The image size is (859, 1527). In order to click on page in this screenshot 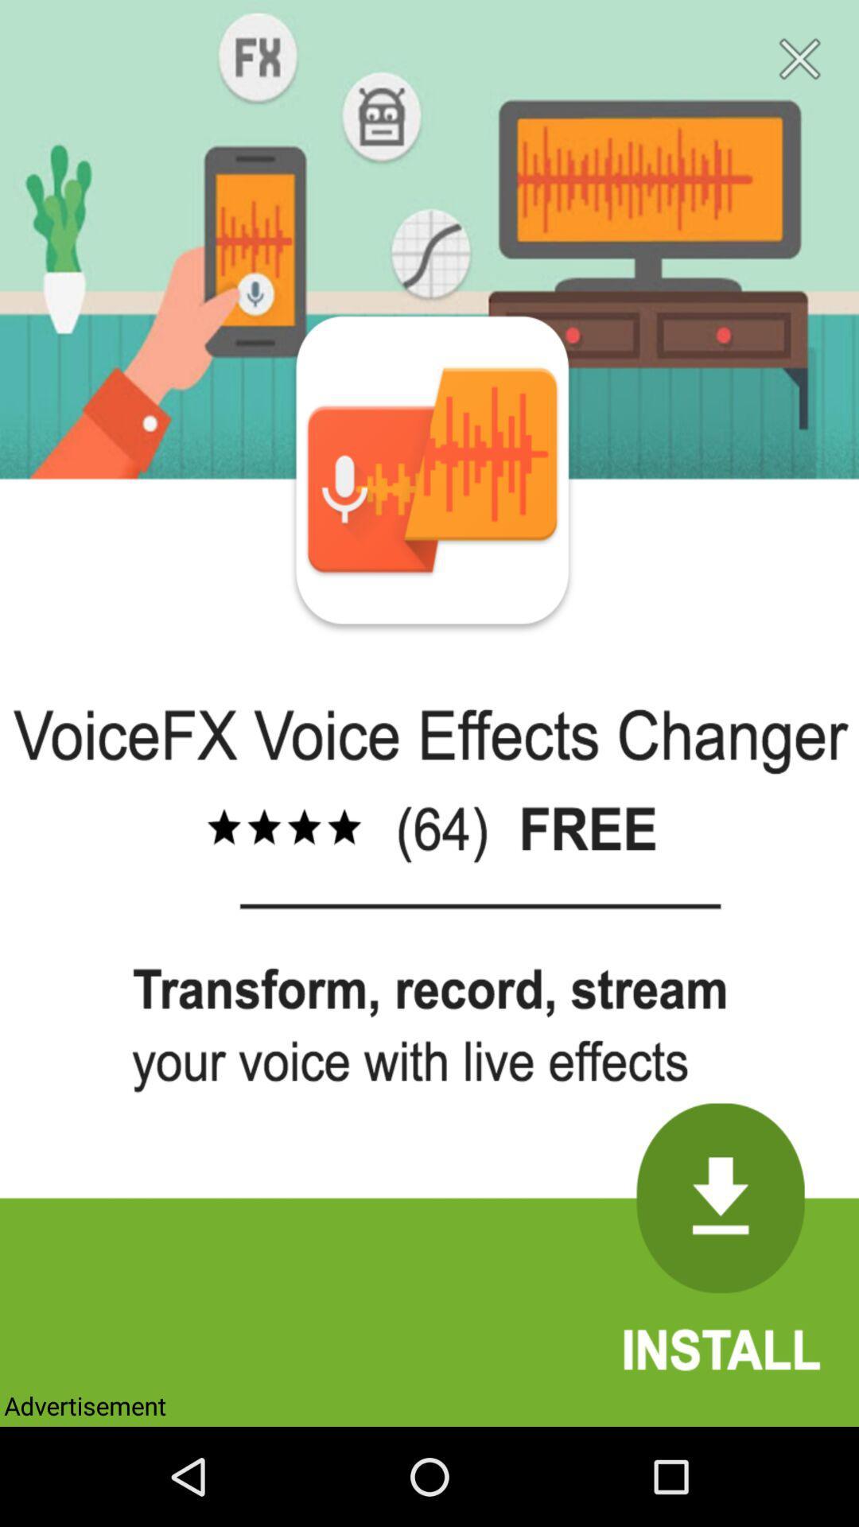, I will do `click(799, 59)`.